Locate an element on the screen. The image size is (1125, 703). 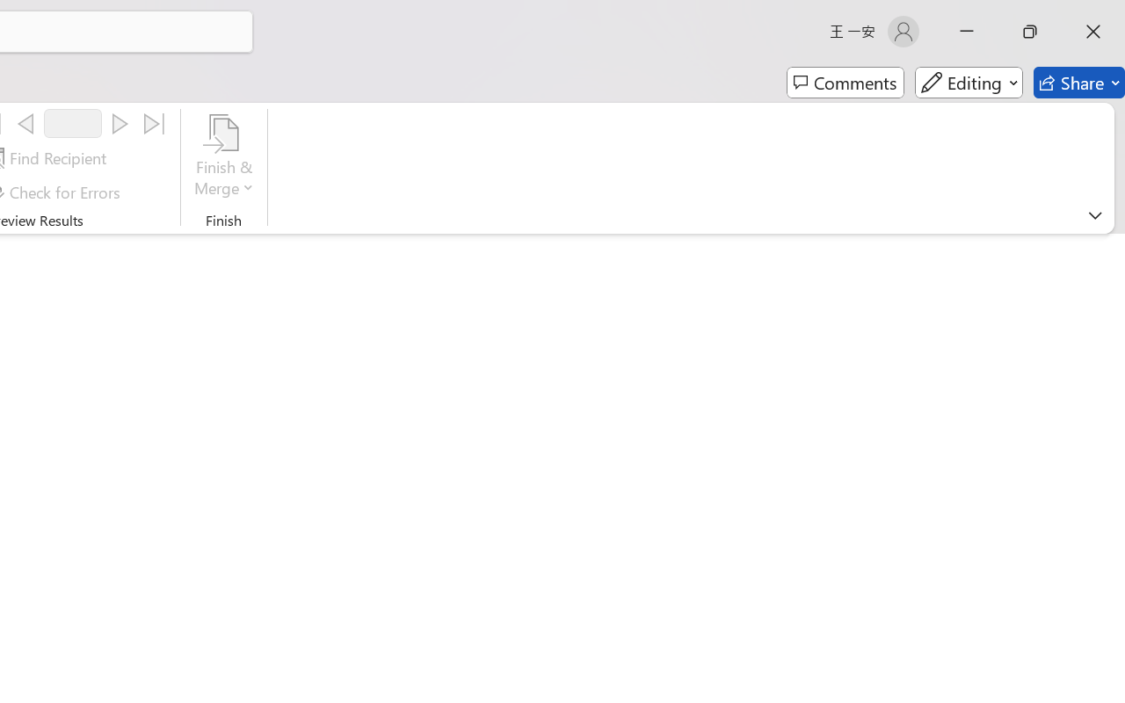
'Share' is located at coordinates (1078, 83).